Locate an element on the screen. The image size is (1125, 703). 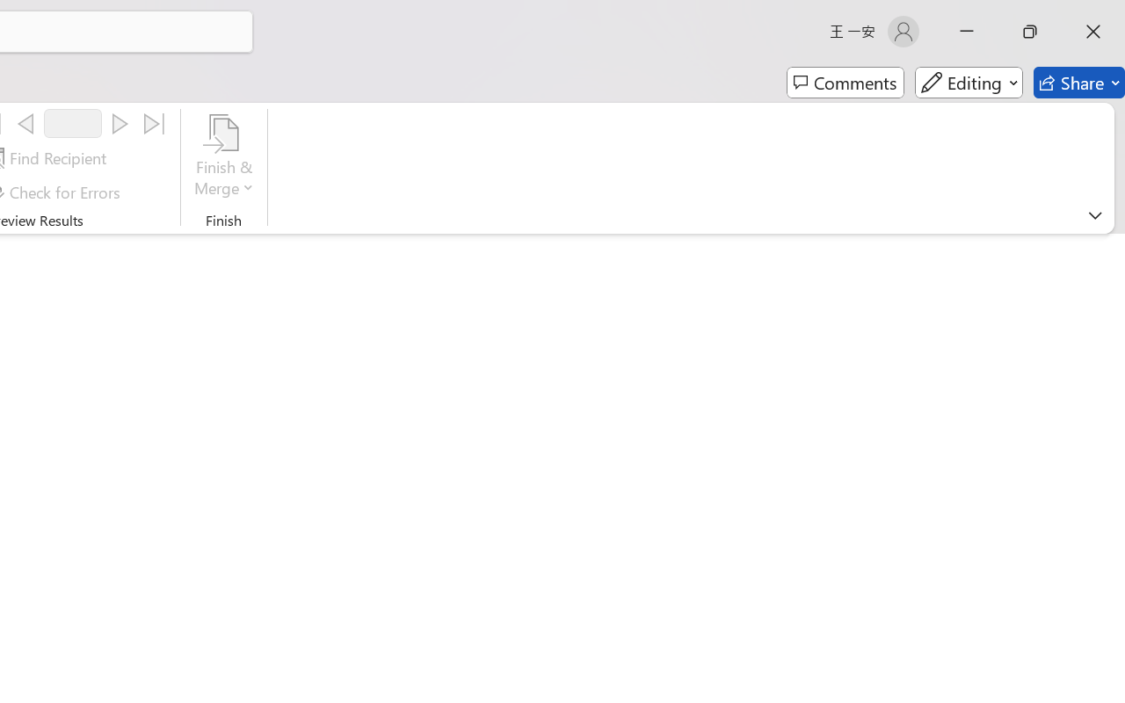
'Share' is located at coordinates (1078, 83).